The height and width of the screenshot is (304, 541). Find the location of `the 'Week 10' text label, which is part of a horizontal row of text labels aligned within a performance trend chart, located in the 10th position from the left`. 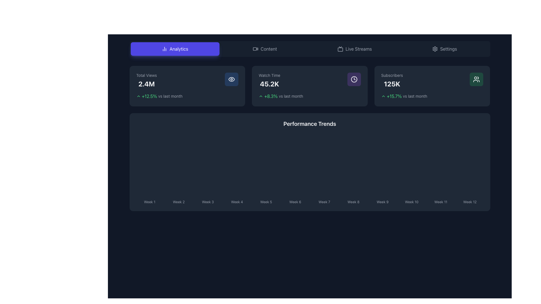

the 'Week 10' text label, which is part of a horizontal row of text labels aligned within a performance trend chart, located in the 10th position from the left is located at coordinates (412, 200).